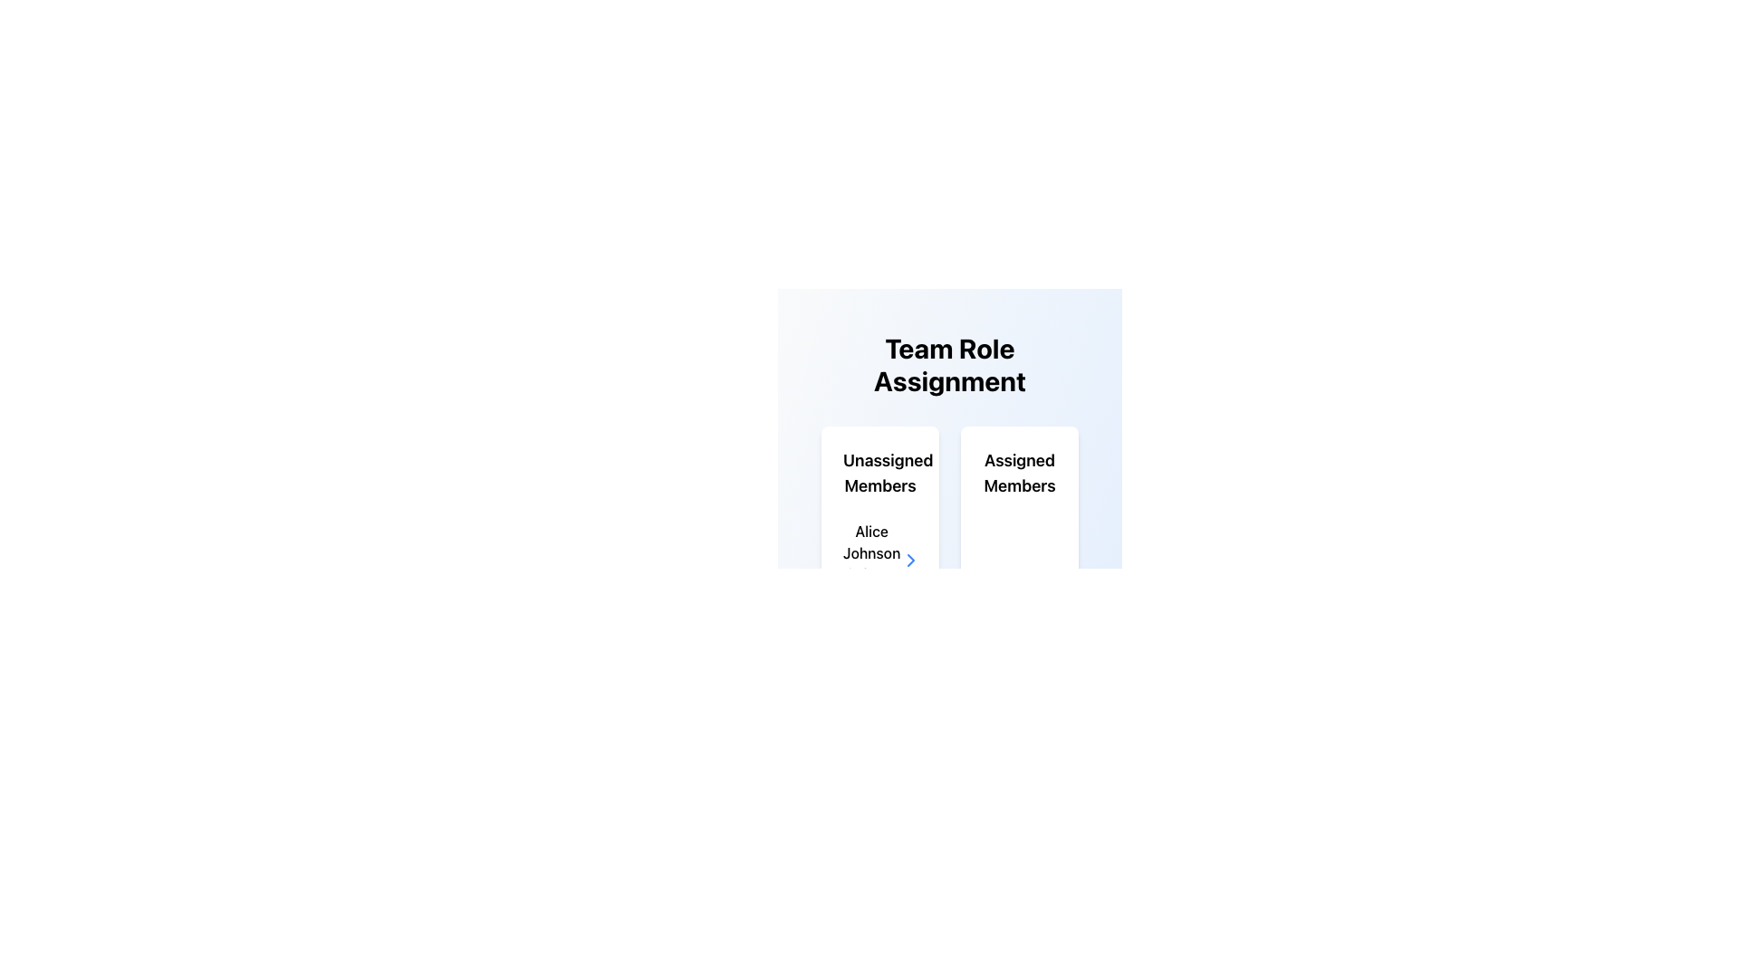  I want to click on the first item in the 'Unassigned Members' list under the 'Team Role Assignment' heading, which represents a selectable role assignment option, so click(879, 559).